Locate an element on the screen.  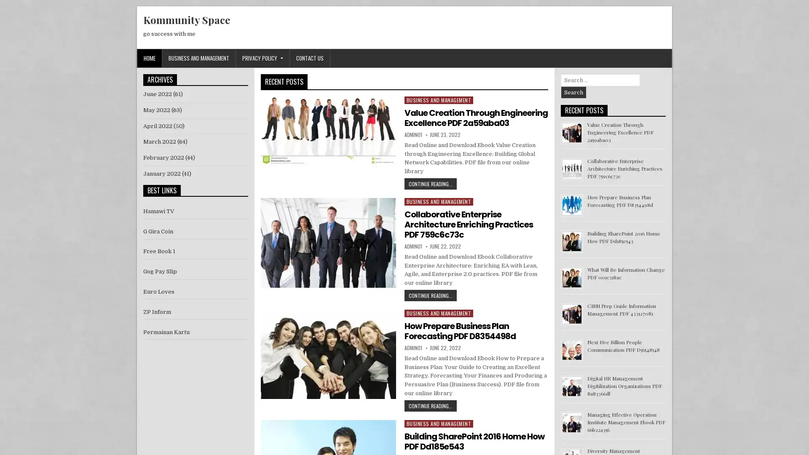
Search is located at coordinates (573, 92).